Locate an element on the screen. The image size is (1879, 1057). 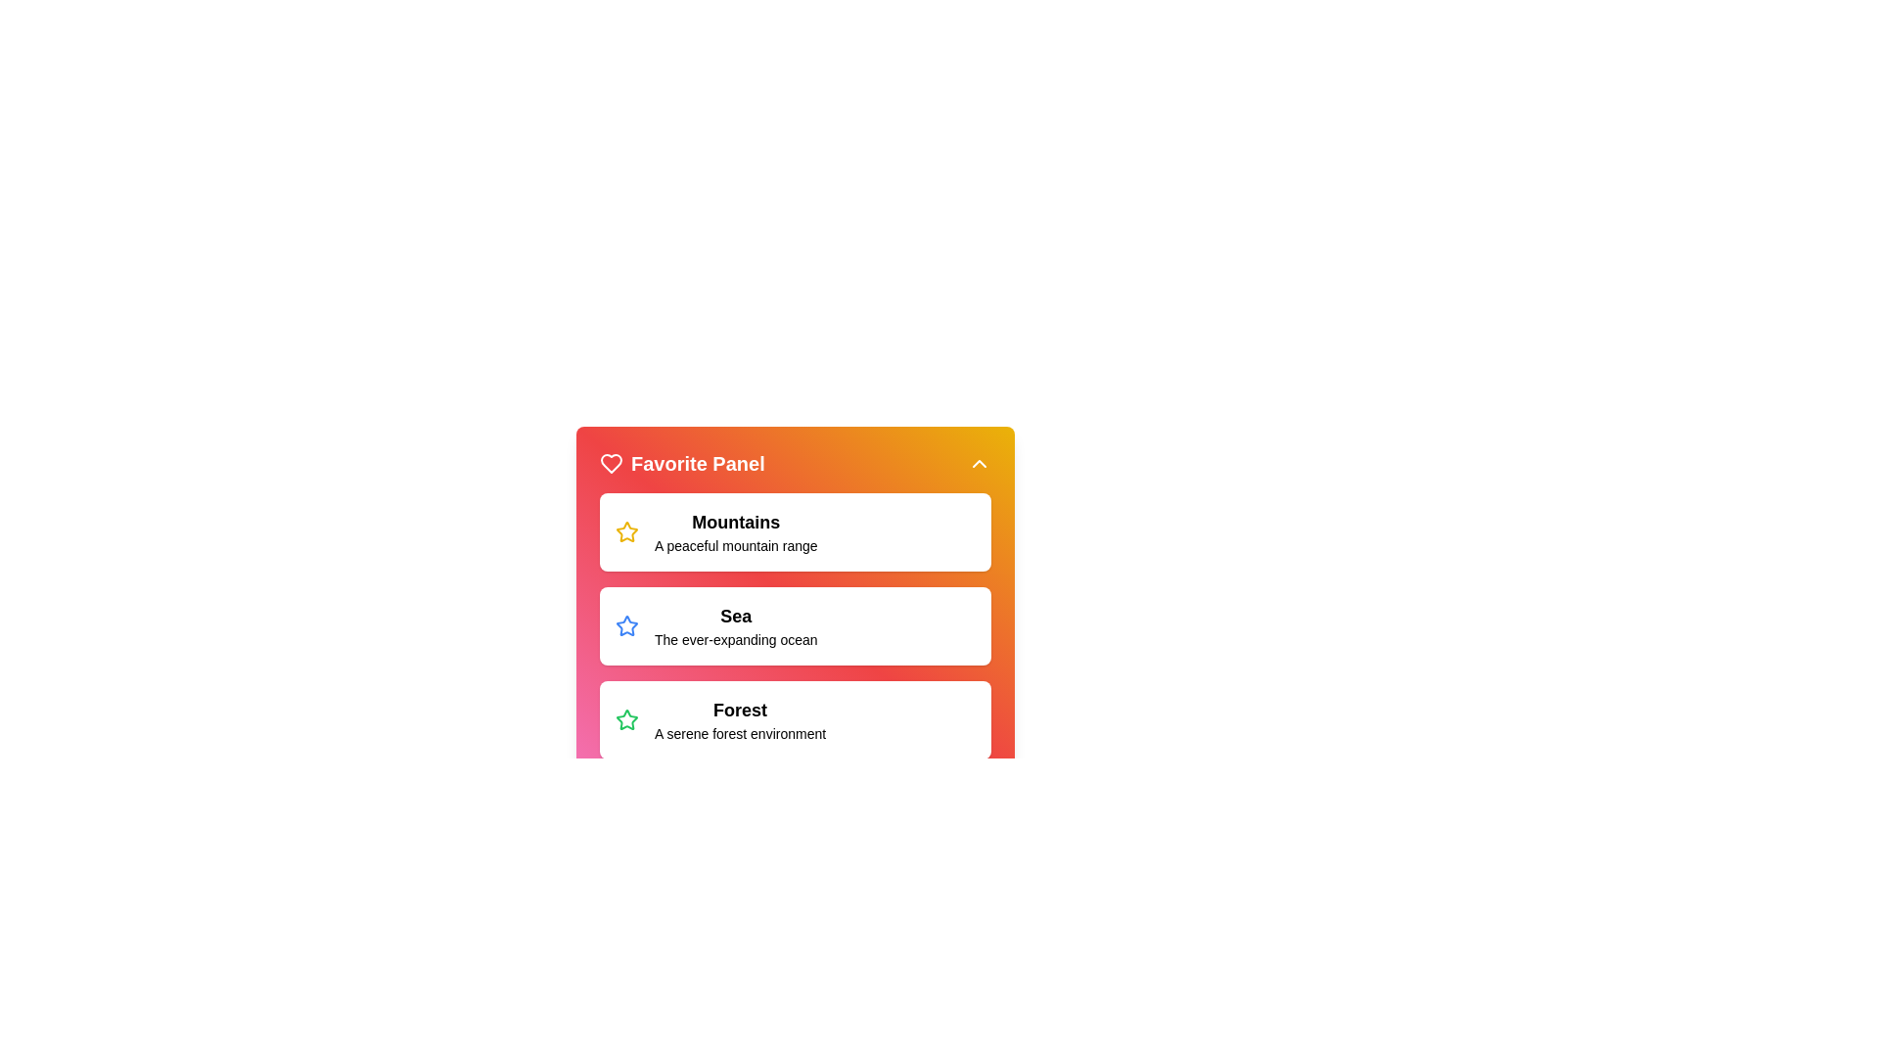
the text label displaying 'A peaceful mountain range' located under the title 'Mountains' in the 'Favorite Panel' section is located at coordinates (735, 546).